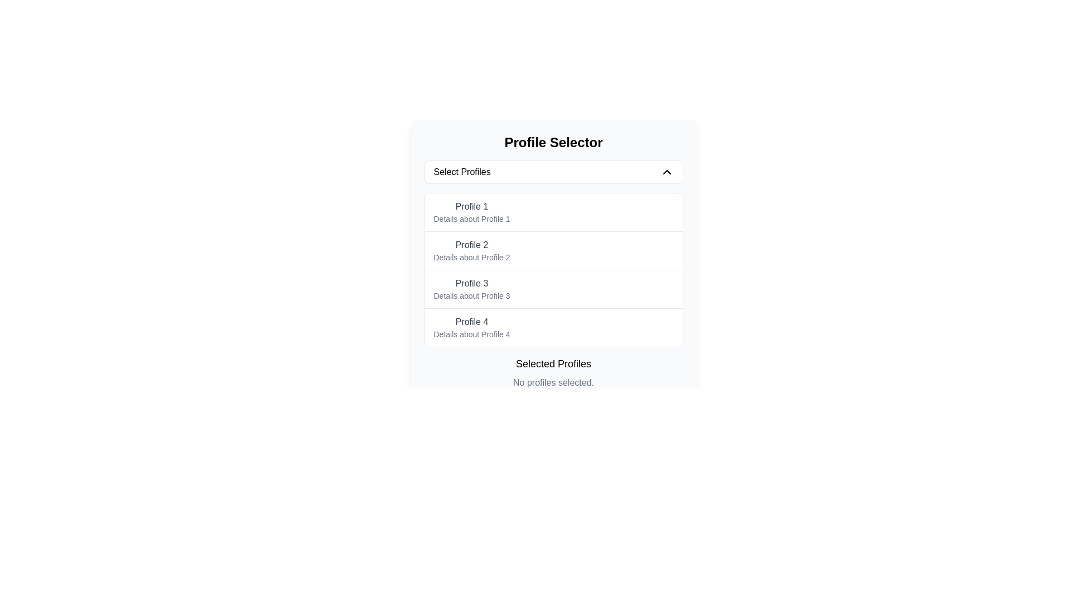  What do you see at coordinates (553, 372) in the screenshot?
I see `the static informational text block displaying 'Selected Profiles' and indicating 'No profiles selected.' at the bottom of the 'Profile Selector' panel` at bounding box center [553, 372].